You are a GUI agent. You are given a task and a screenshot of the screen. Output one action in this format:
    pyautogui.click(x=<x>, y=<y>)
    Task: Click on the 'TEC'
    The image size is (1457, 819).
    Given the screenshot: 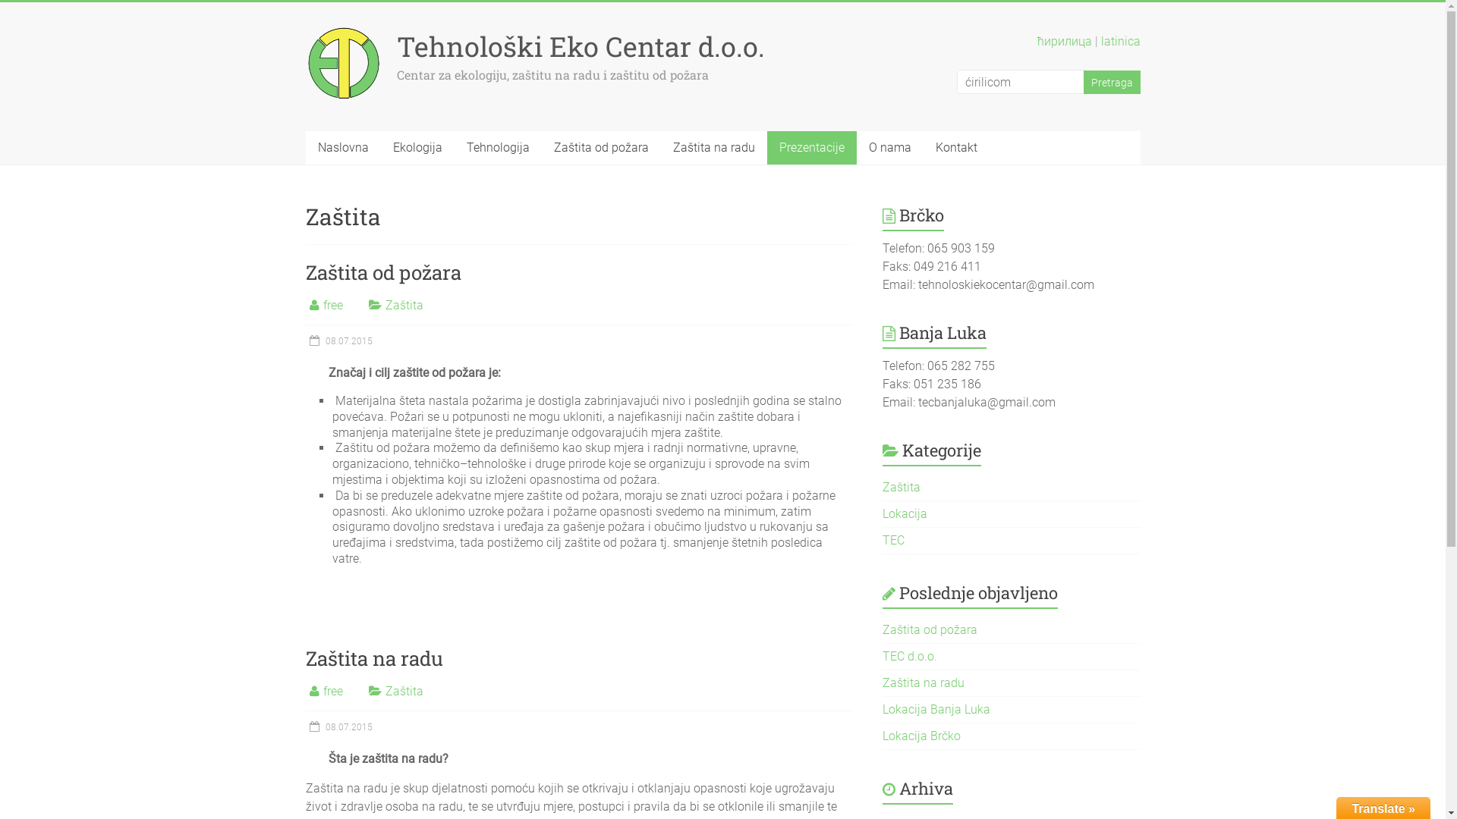 What is the action you would take?
    pyautogui.click(x=893, y=539)
    